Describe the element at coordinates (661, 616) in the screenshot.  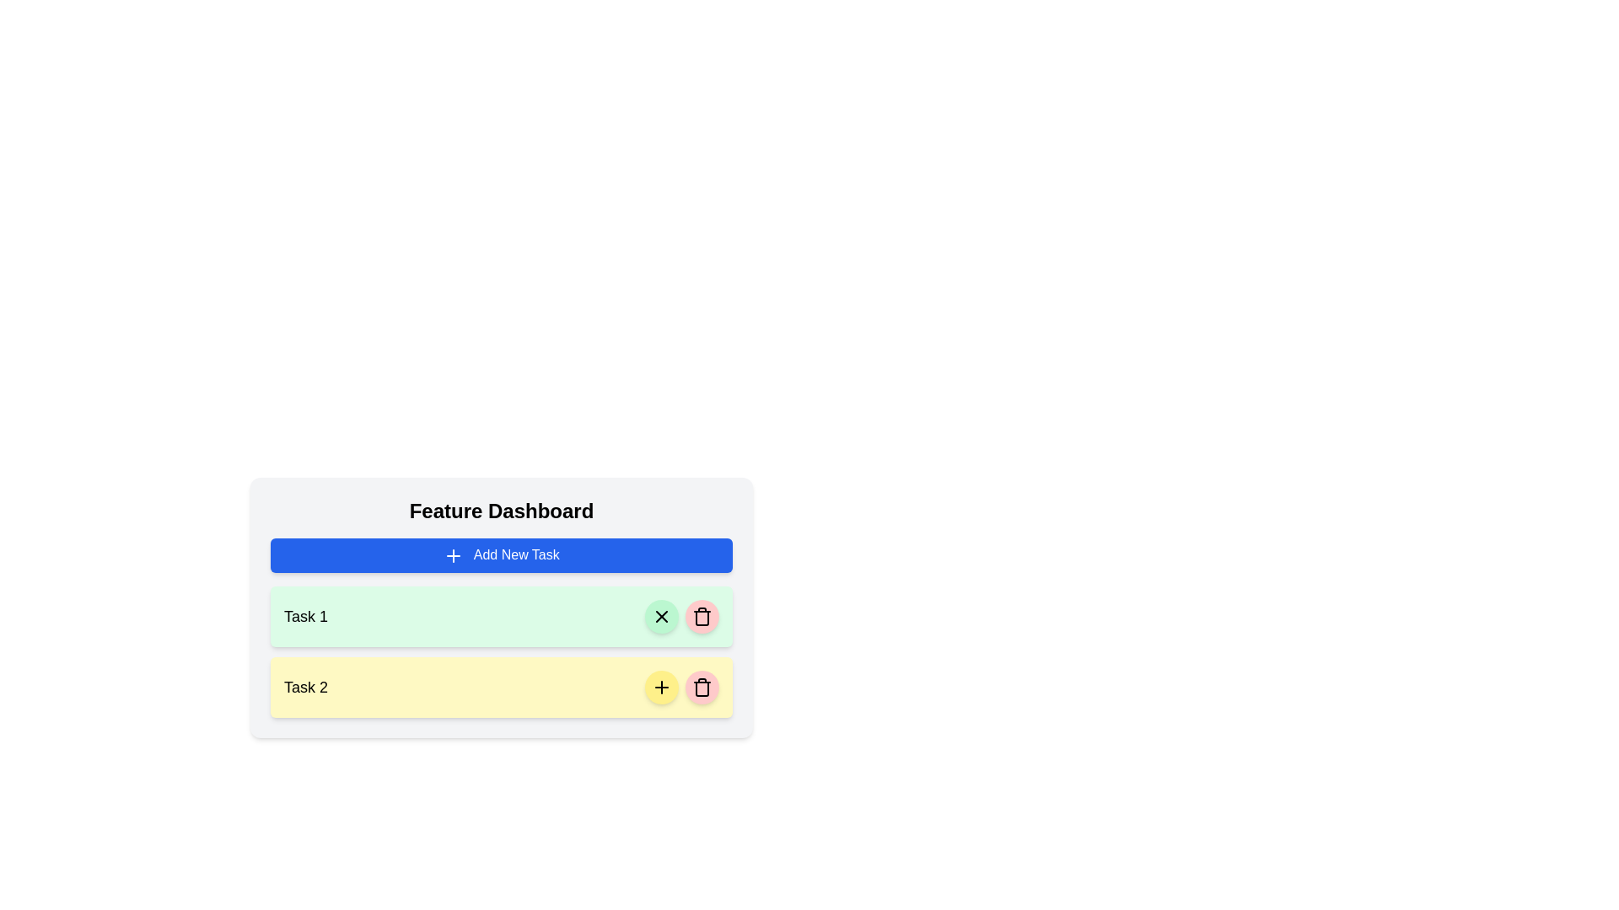
I see `the circular green button with an 'X' icon` at that location.